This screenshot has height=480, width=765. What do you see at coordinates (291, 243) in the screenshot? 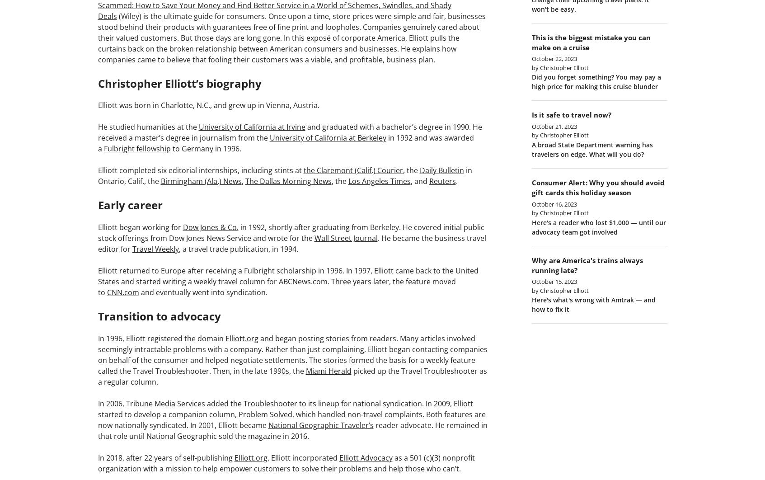
I see `'. He became the business travel editor for'` at bounding box center [291, 243].